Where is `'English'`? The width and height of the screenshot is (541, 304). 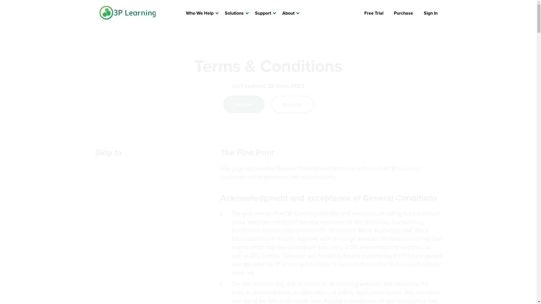 'English' is located at coordinates (243, 104).